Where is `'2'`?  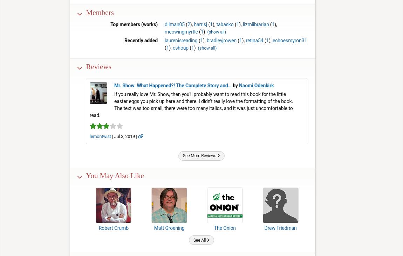
'2' is located at coordinates (188, 24).